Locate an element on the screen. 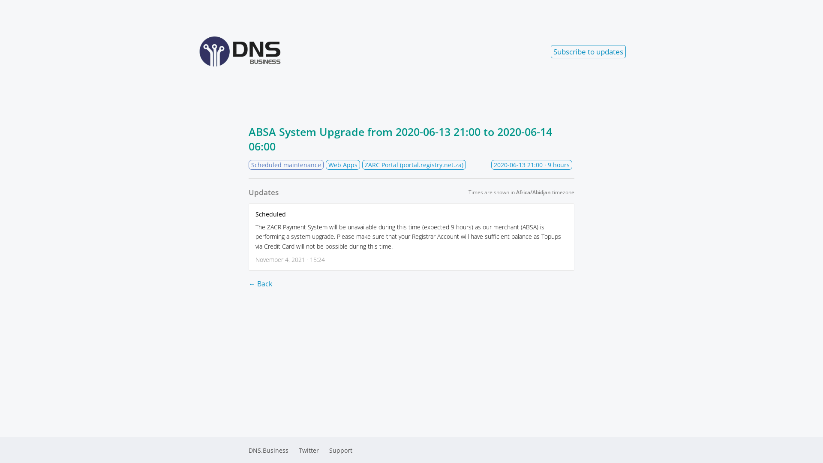 The width and height of the screenshot is (823, 463). 'DNS.Business' is located at coordinates (268, 449).